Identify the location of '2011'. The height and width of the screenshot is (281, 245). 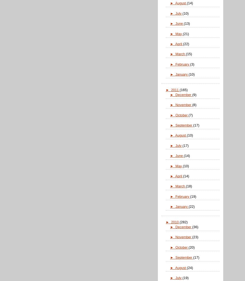
(175, 89).